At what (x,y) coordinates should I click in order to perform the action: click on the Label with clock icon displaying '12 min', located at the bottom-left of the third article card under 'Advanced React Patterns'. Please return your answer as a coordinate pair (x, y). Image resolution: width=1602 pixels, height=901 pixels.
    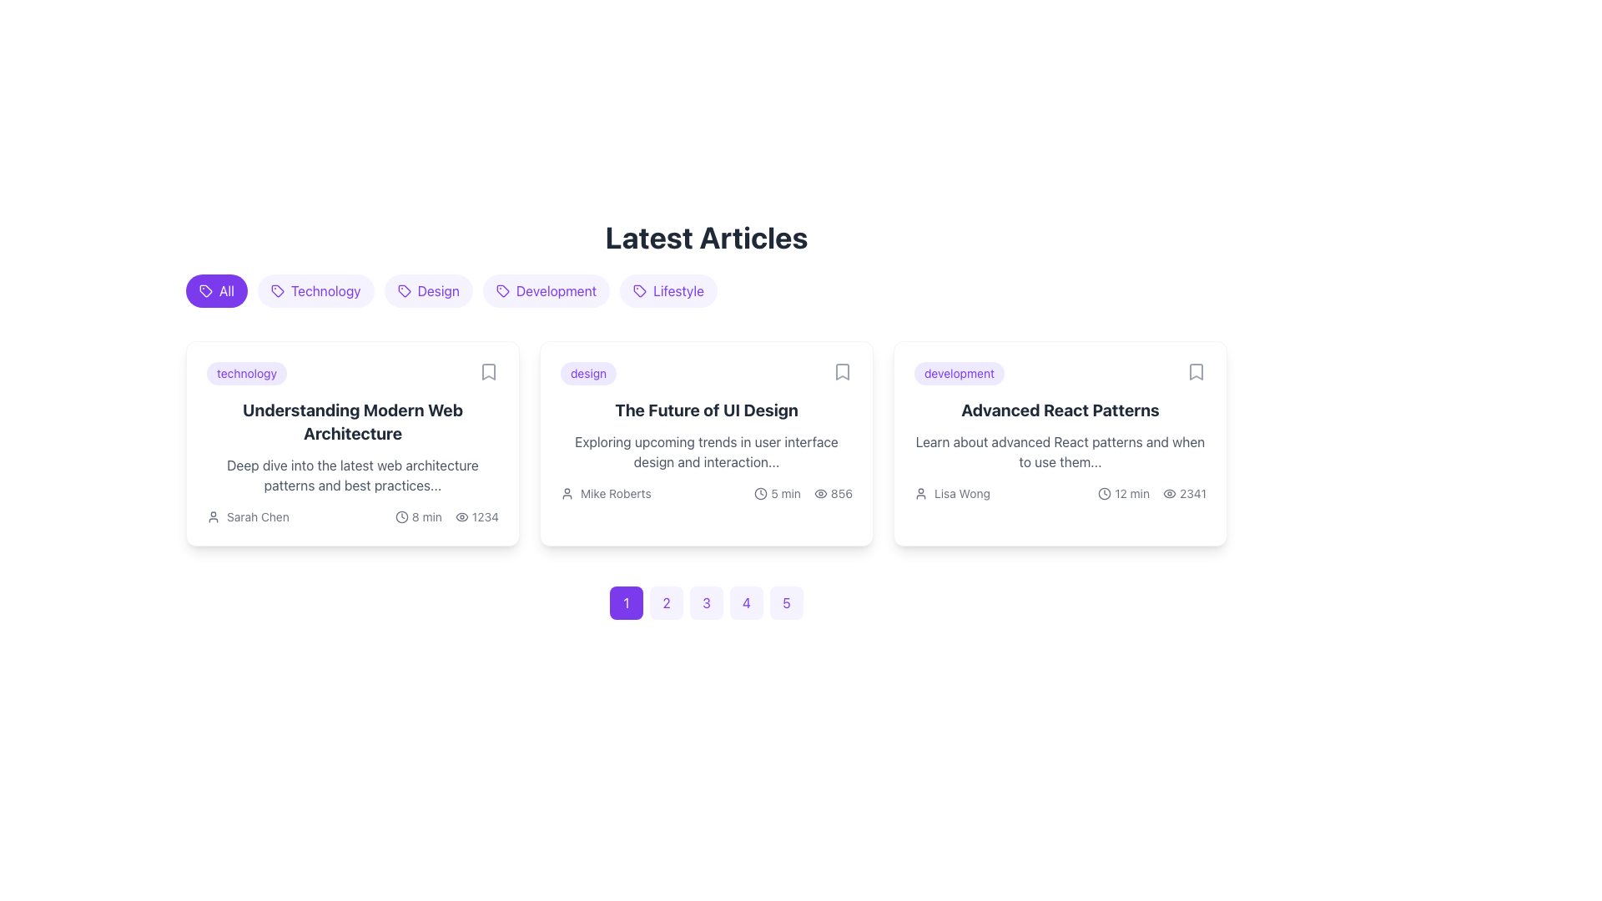
    Looking at the image, I should click on (1124, 492).